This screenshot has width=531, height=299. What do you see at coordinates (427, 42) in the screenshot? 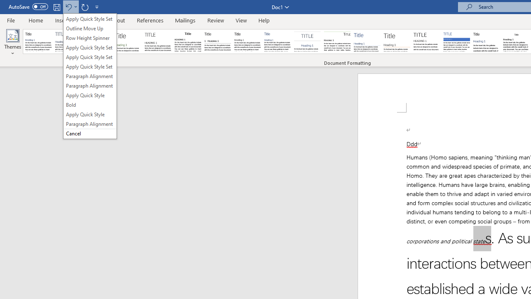
I see `'Minimalist'` at bounding box center [427, 42].